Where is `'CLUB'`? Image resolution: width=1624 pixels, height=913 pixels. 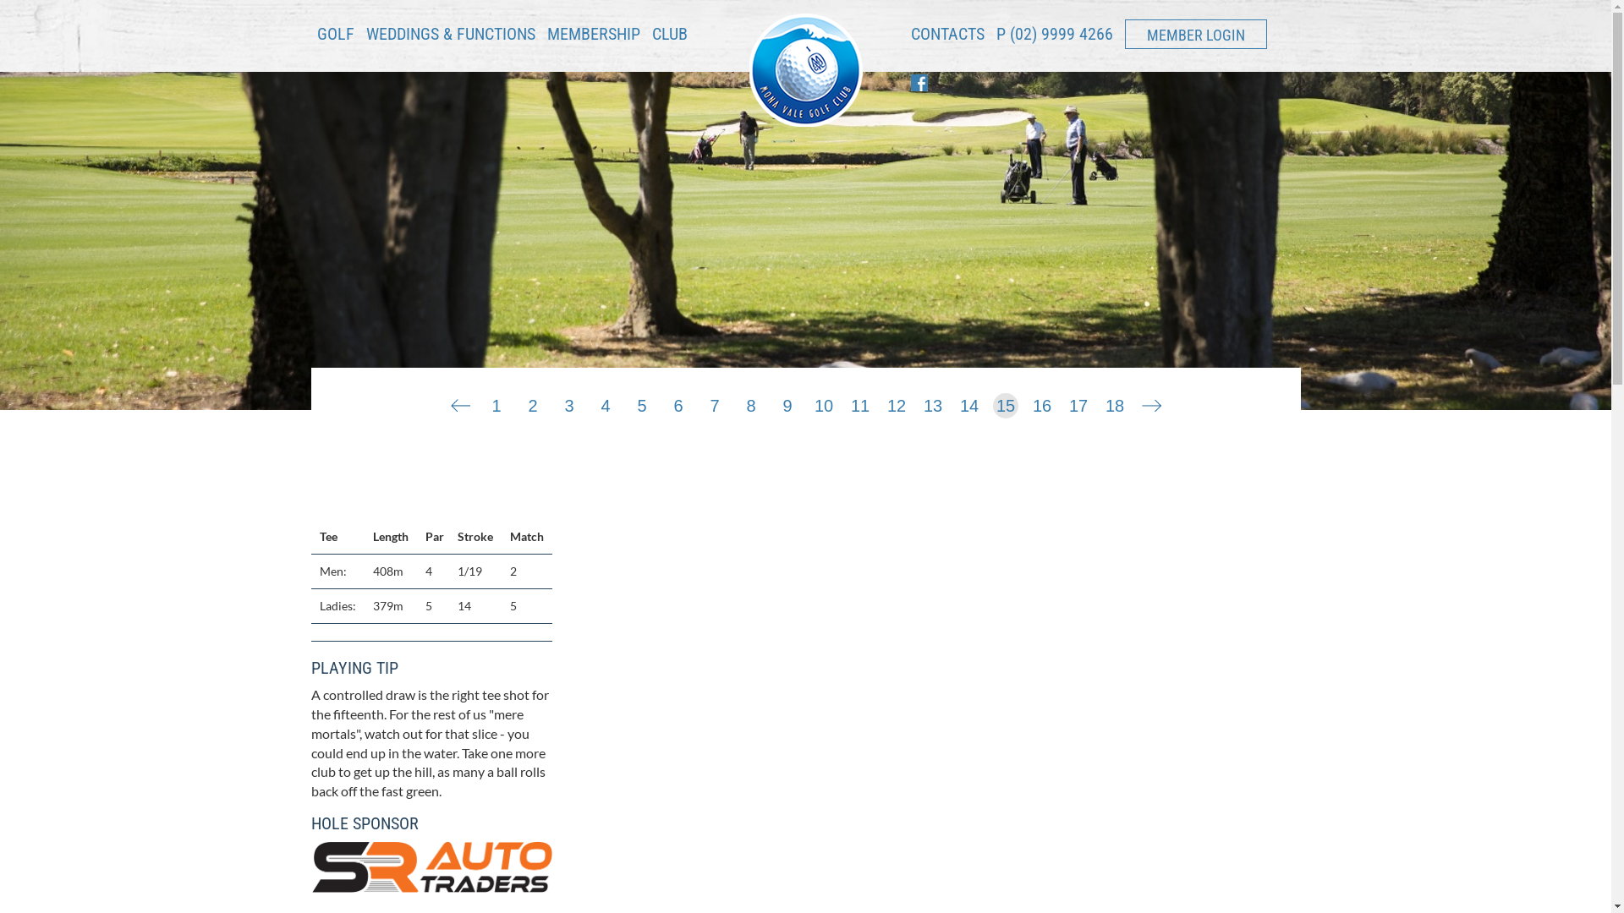
'CLUB' is located at coordinates (668, 39).